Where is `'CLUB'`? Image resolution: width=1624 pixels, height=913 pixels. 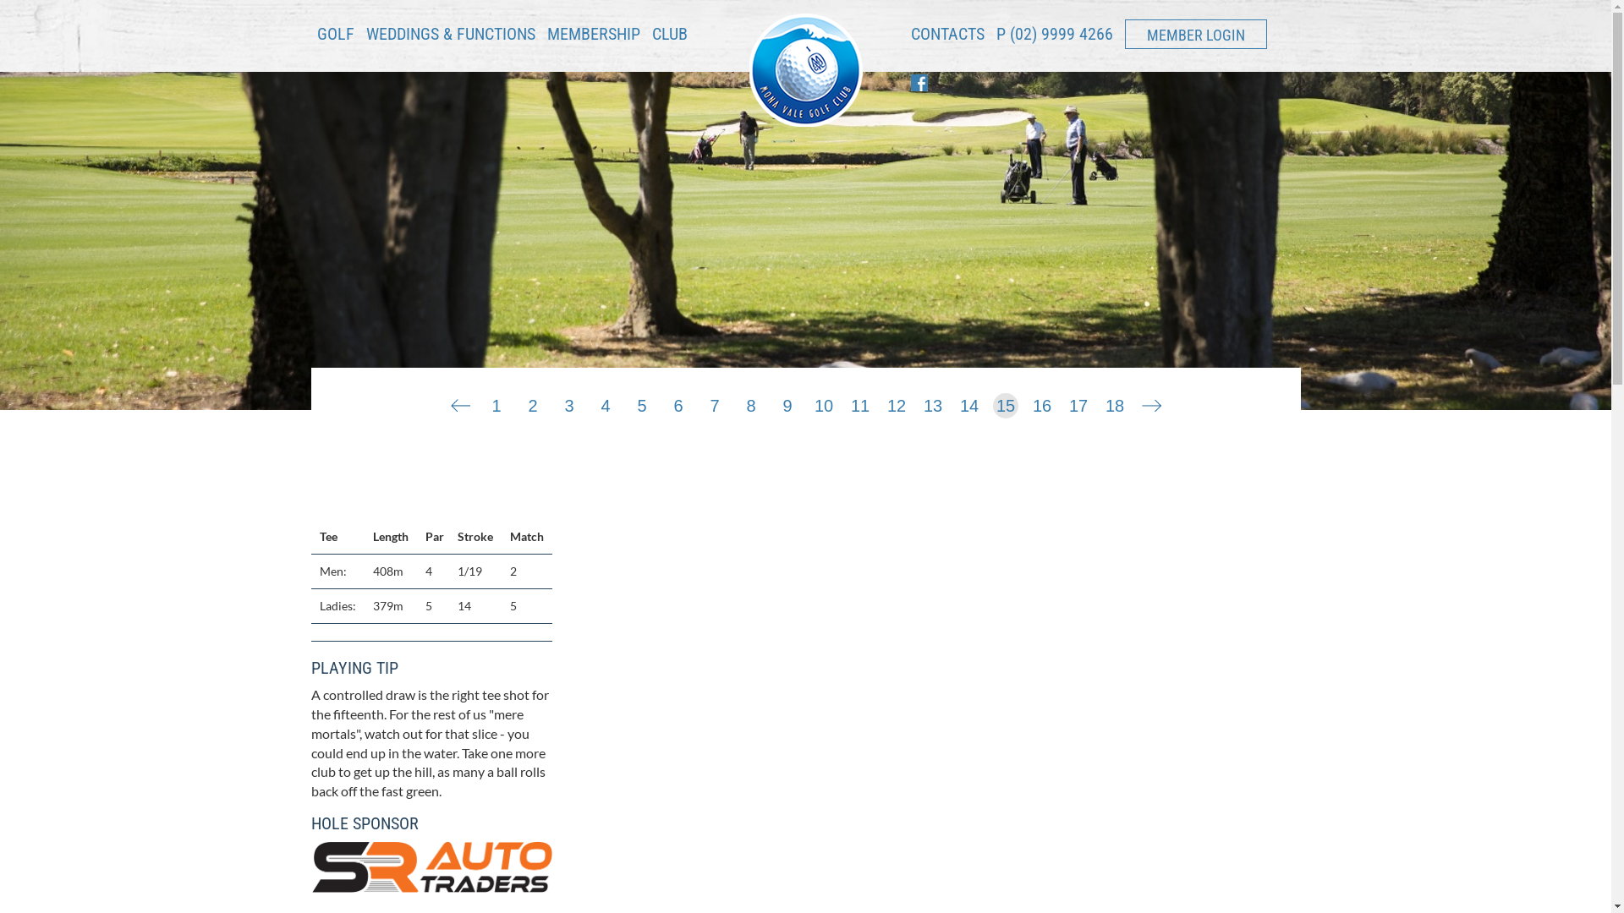
'CLUB' is located at coordinates (668, 39).